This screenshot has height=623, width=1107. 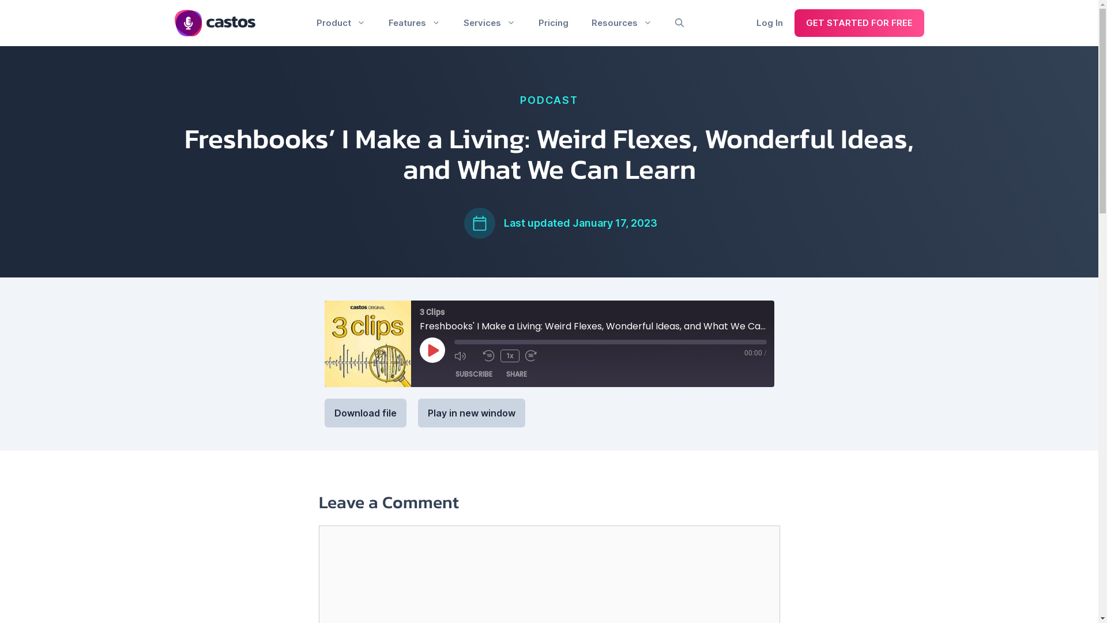 What do you see at coordinates (610, 341) in the screenshot?
I see `'Seek'` at bounding box center [610, 341].